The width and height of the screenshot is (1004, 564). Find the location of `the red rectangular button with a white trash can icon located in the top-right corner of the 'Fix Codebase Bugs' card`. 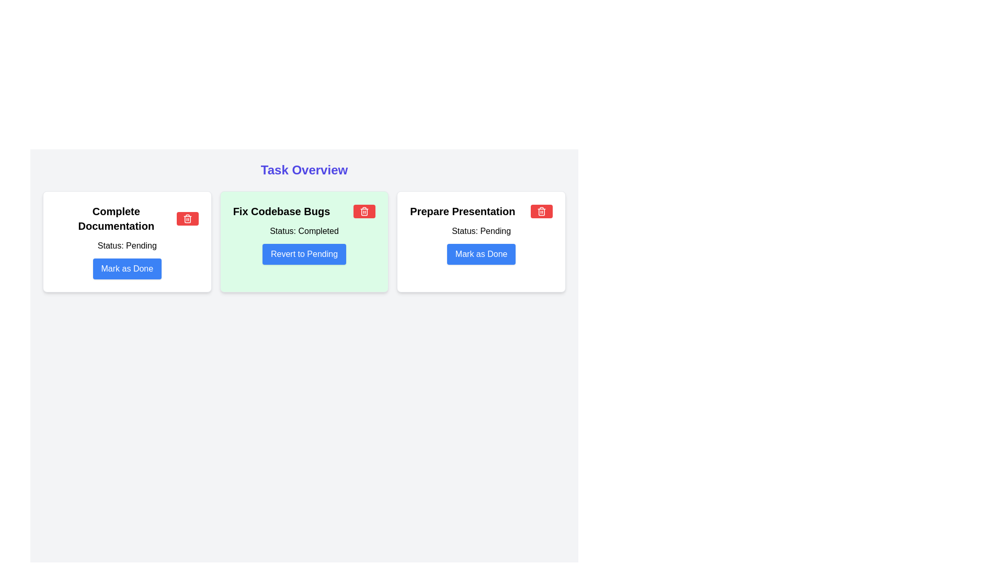

the red rectangular button with a white trash can icon located in the top-right corner of the 'Fix Codebase Bugs' card is located at coordinates (364, 211).